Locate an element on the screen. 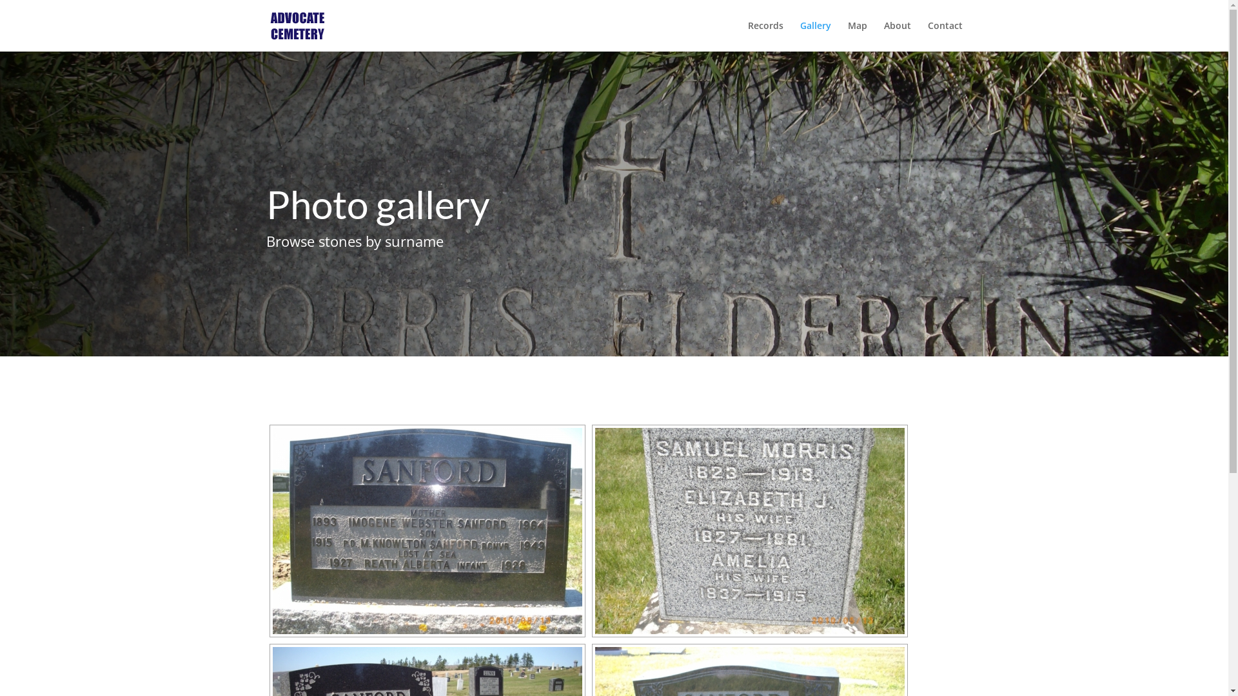 The height and width of the screenshot is (696, 1238). 'About' is located at coordinates (896, 35).